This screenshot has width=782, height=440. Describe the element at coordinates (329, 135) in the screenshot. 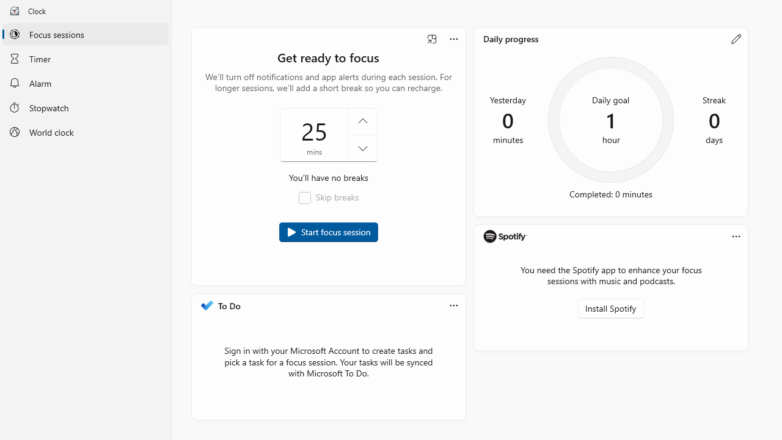

I see `'AutomationID: FullNumberBox'` at that location.